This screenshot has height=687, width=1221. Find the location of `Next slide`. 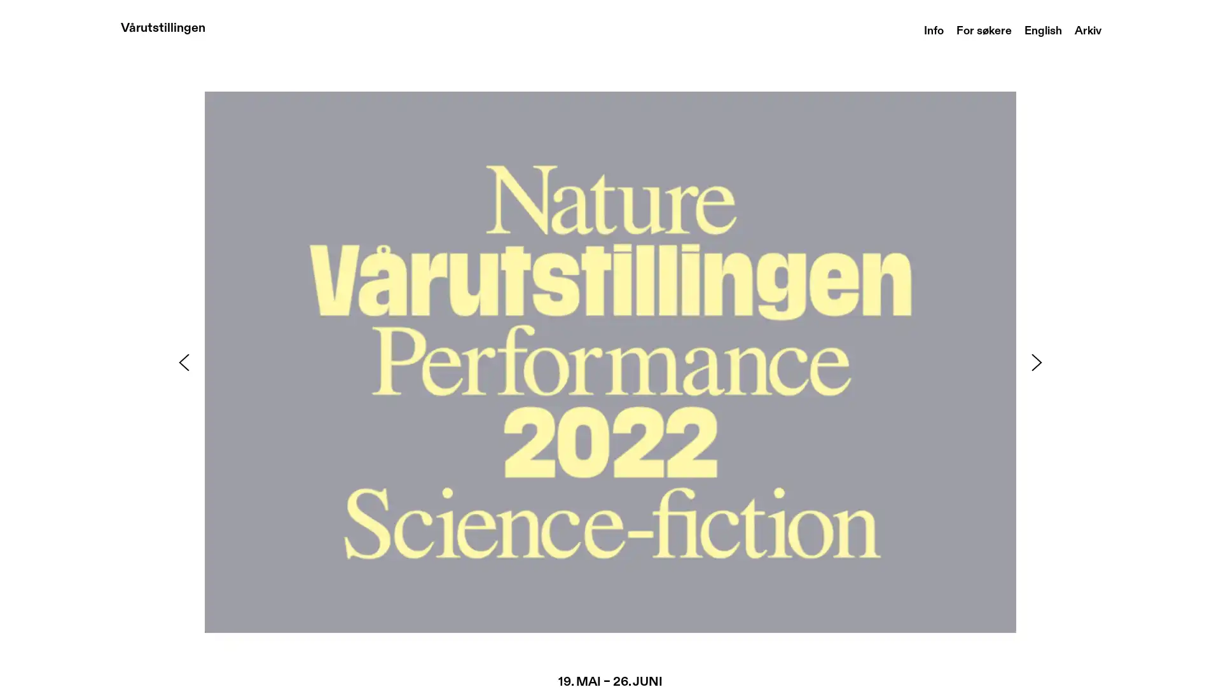

Next slide is located at coordinates (1037, 362).